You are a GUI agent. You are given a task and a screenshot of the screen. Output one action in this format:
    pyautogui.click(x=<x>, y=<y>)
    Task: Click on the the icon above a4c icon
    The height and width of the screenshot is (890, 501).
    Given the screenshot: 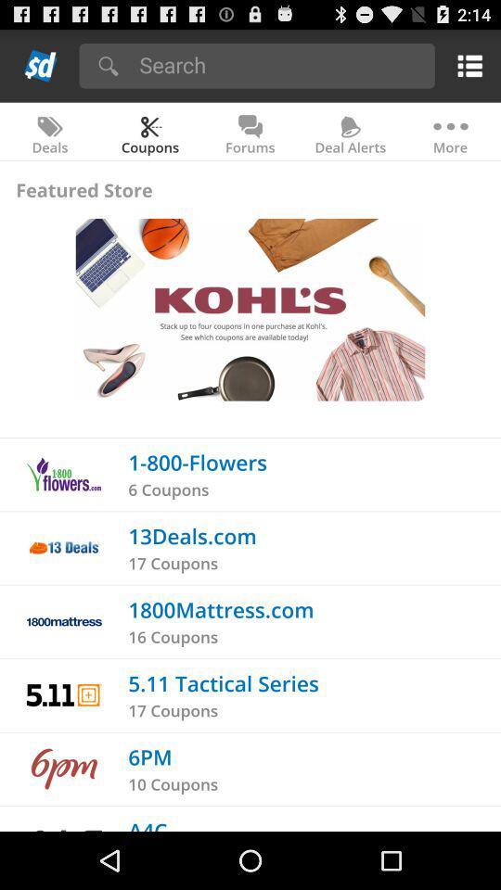 What is the action you would take?
    pyautogui.click(x=173, y=782)
    